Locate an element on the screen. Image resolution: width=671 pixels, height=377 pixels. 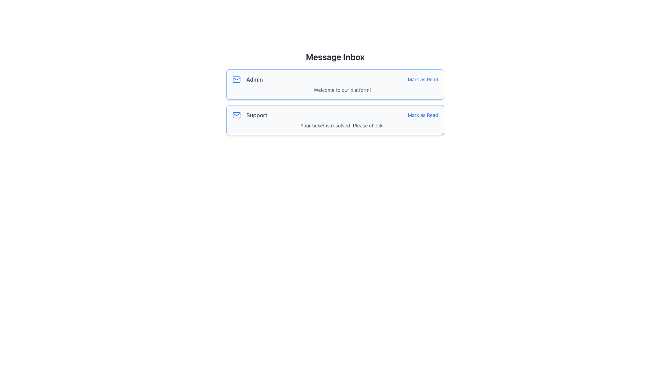
the actionable link for marking the associated message as read, located in the top-right corner of the 'Support' message box is located at coordinates (423, 115).